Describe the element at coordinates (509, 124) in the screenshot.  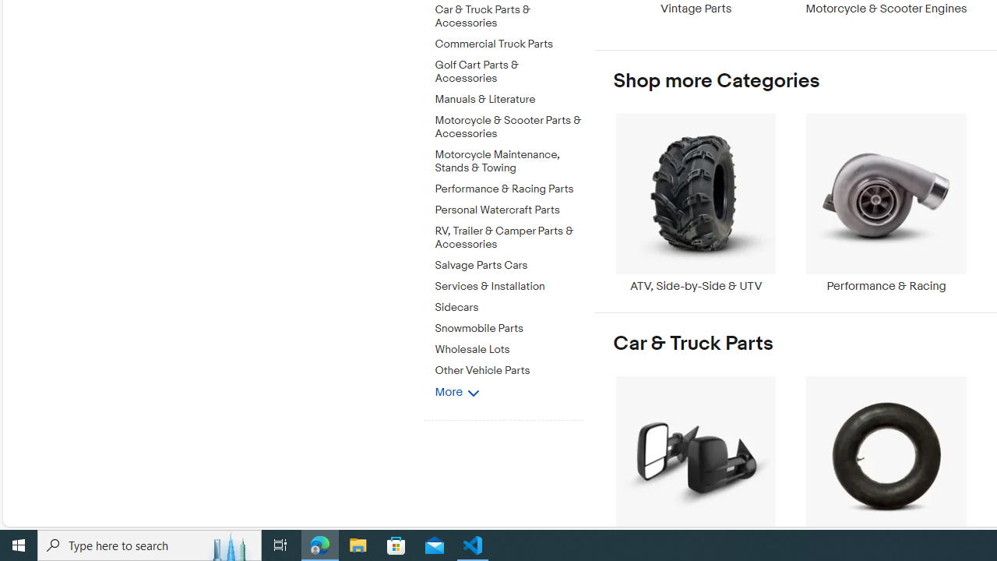
I see `'Motorcycle & Scooter Parts & Accessories'` at that location.